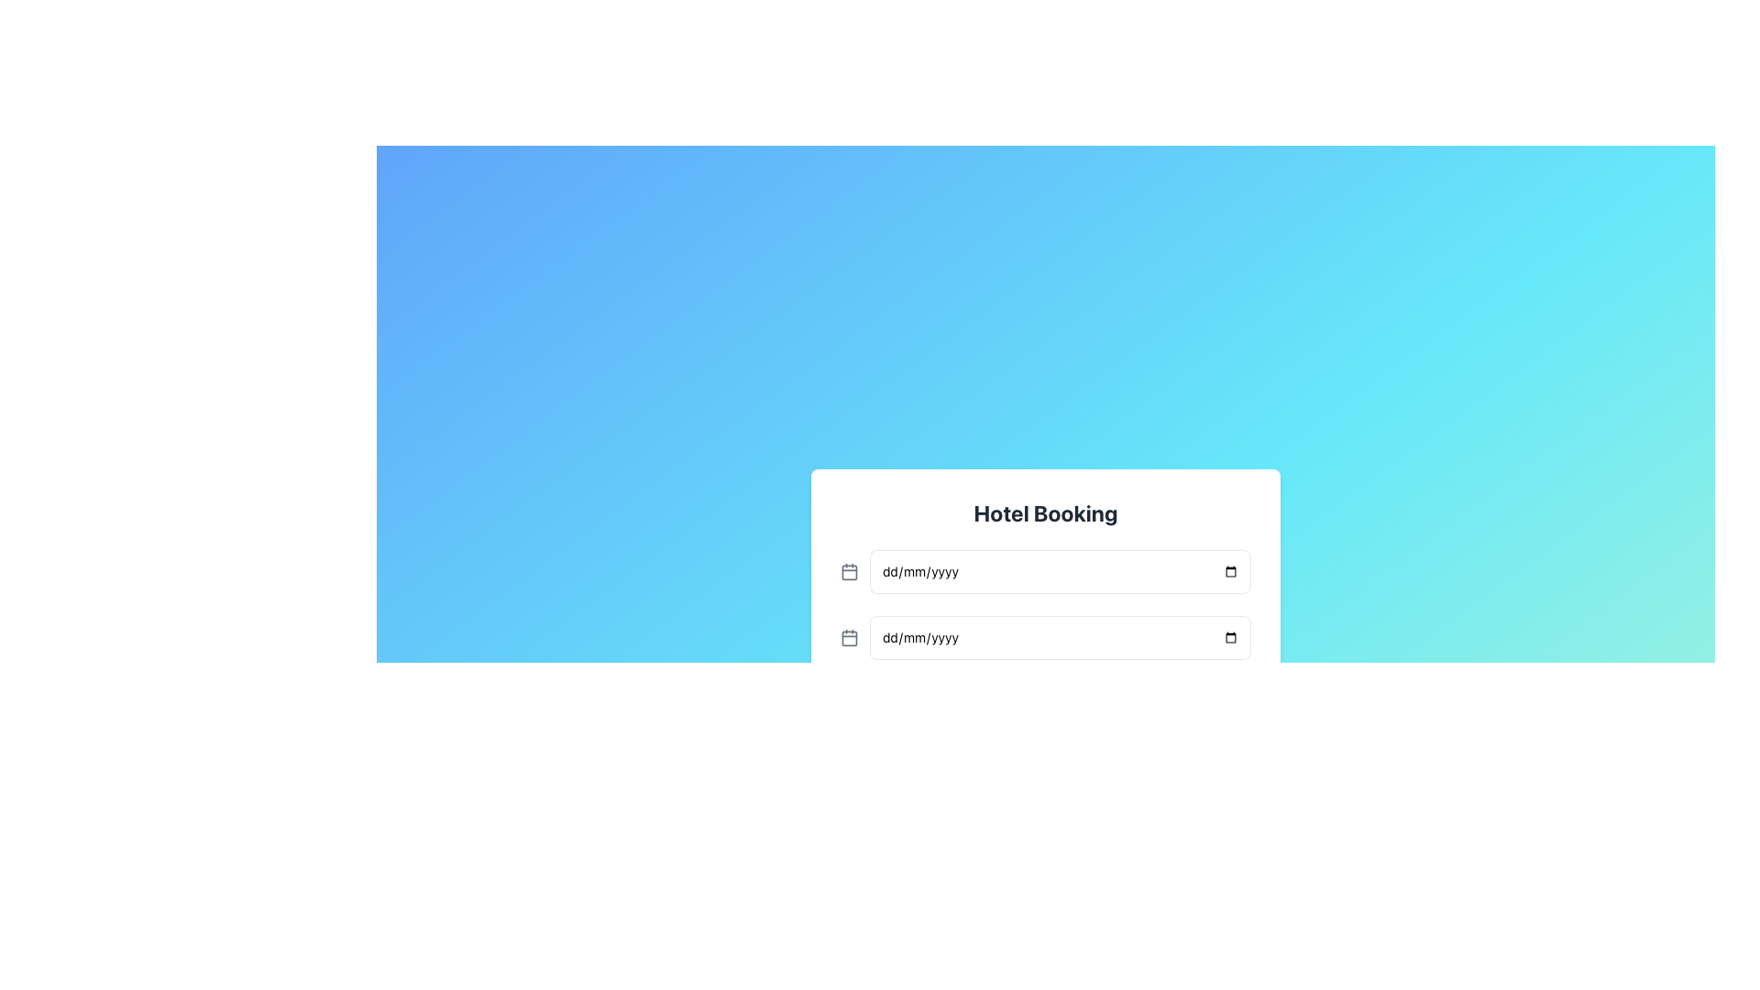 The height and width of the screenshot is (990, 1760). Describe the element at coordinates (1046, 512) in the screenshot. I see `the Text Label that serves as the title for the booking section, indicating its purpose related to 'Hotel Booking'` at that location.